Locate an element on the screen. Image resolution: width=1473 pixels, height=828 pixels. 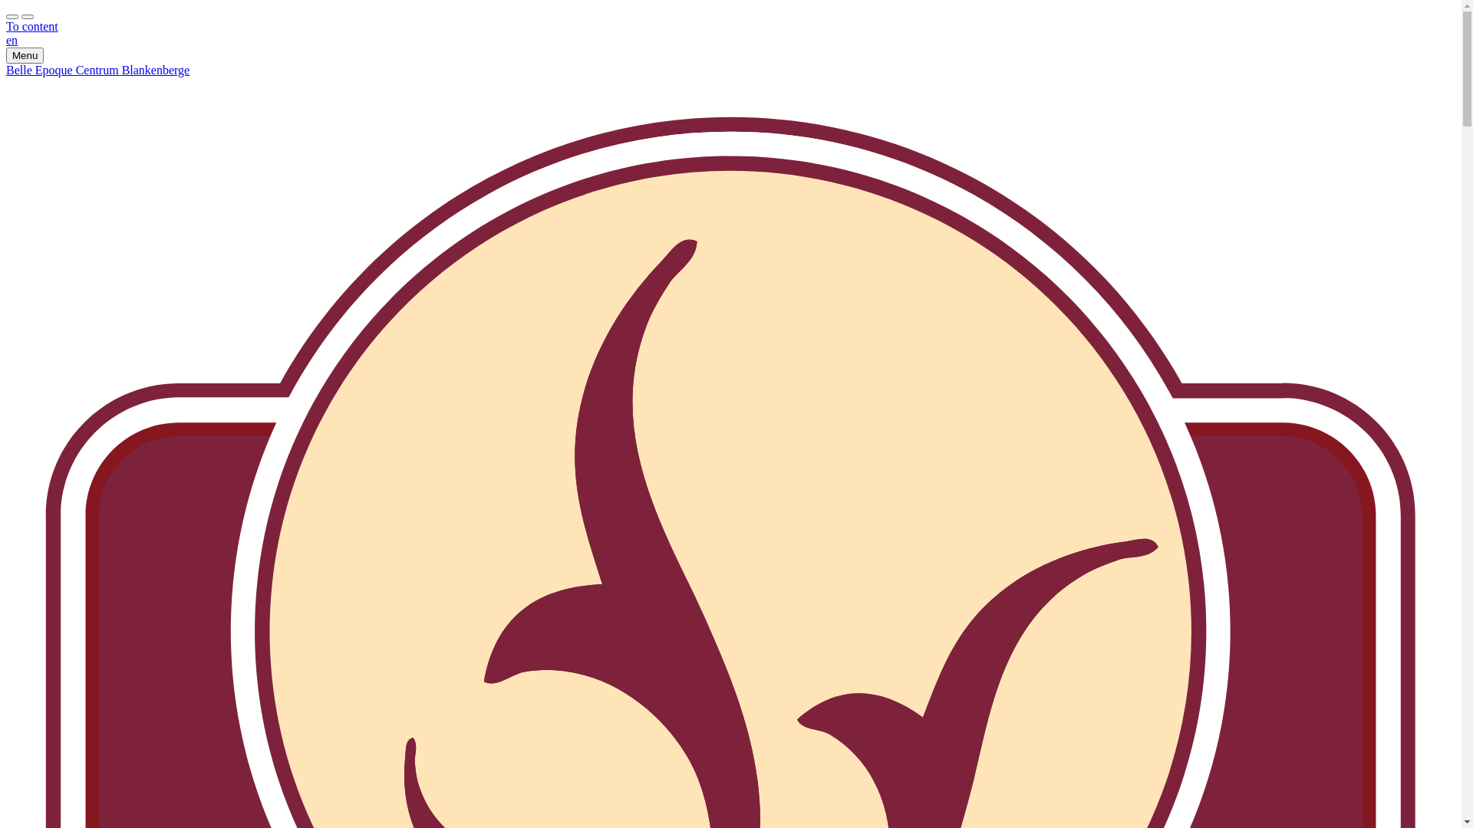
'acceptall' is located at coordinates (6, 17).